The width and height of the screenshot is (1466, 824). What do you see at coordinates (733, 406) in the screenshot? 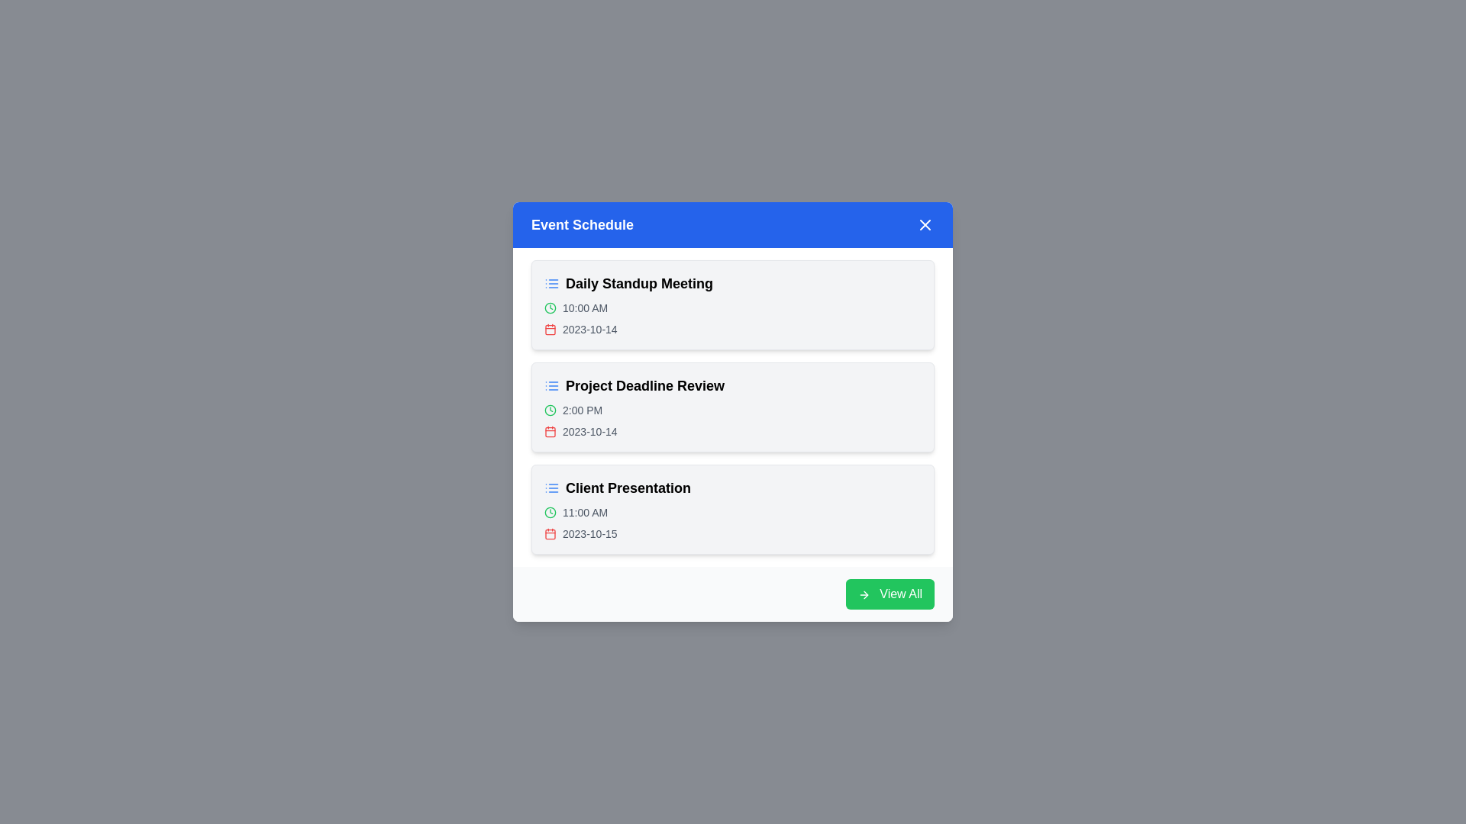
I see `the second Card item in the 'Event Schedule' modal, which displays 'Project Deadline Review' with associated icons and time details` at bounding box center [733, 406].